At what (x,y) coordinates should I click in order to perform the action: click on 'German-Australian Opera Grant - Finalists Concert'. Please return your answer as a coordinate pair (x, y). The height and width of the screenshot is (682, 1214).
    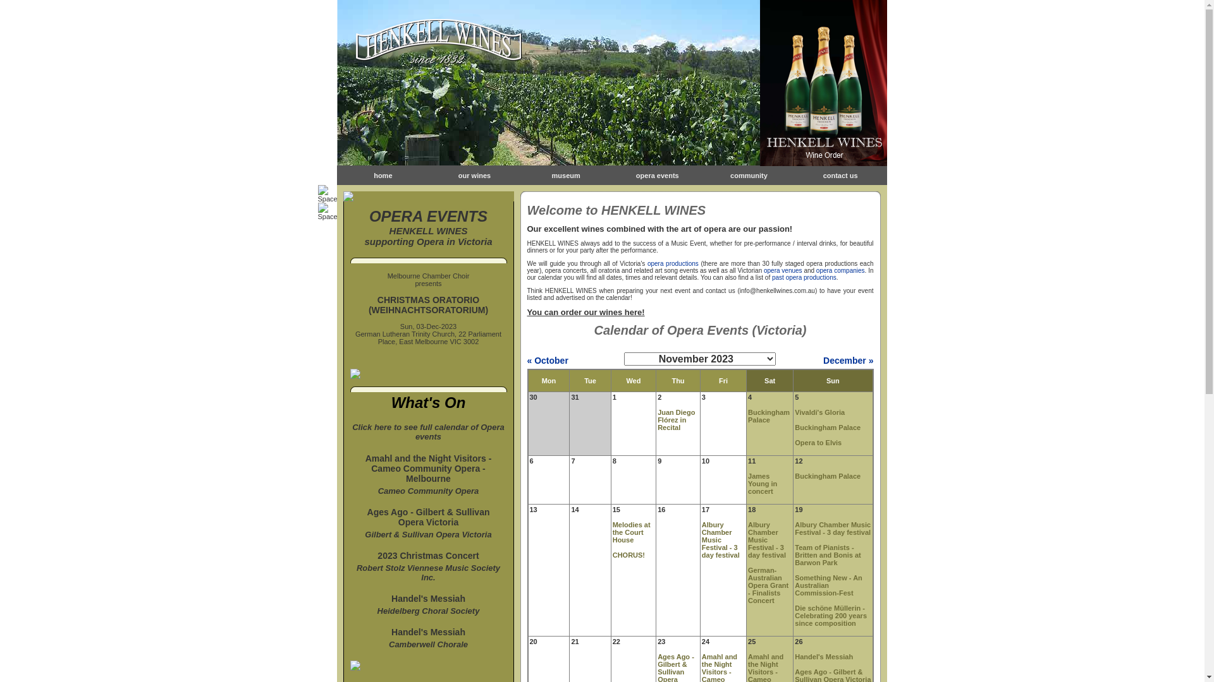
    Looking at the image, I should click on (767, 585).